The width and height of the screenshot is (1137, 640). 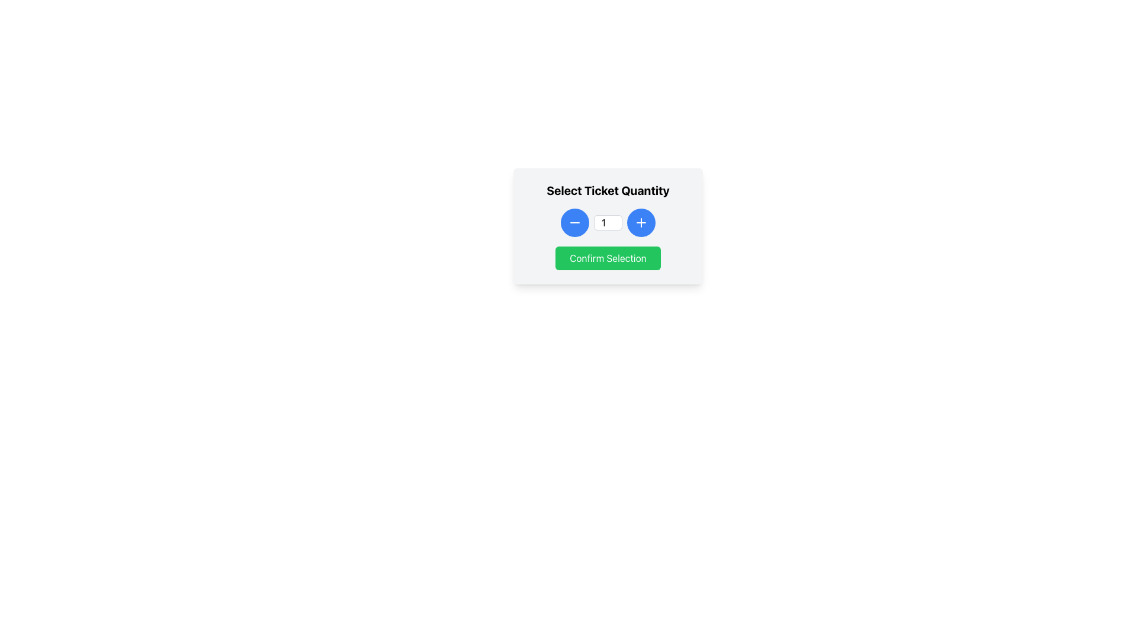 What do you see at coordinates (608, 190) in the screenshot?
I see `the Text Label that introduces the ticket quantity selection feature, which is centered above the ticket quantity adjustment controls` at bounding box center [608, 190].